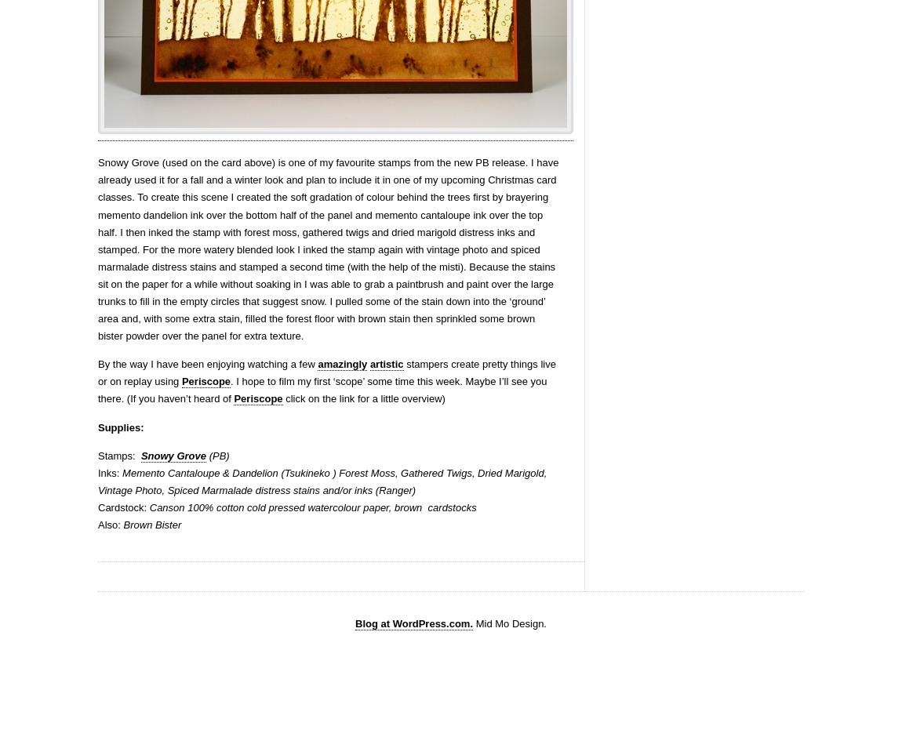 The height and width of the screenshot is (741, 902). Describe the element at coordinates (386, 364) in the screenshot. I see `'artistic'` at that location.